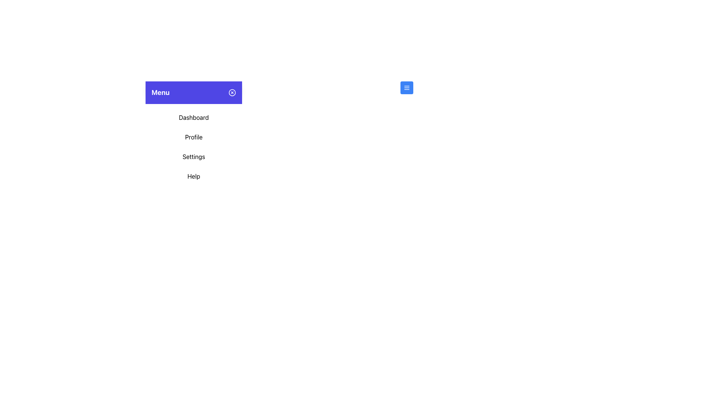 This screenshot has width=724, height=407. Describe the element at coordinates (193, 118) in the screenshot. I see `the first button labeled 'Dashboard' located below the 'Menu' header` at that location.